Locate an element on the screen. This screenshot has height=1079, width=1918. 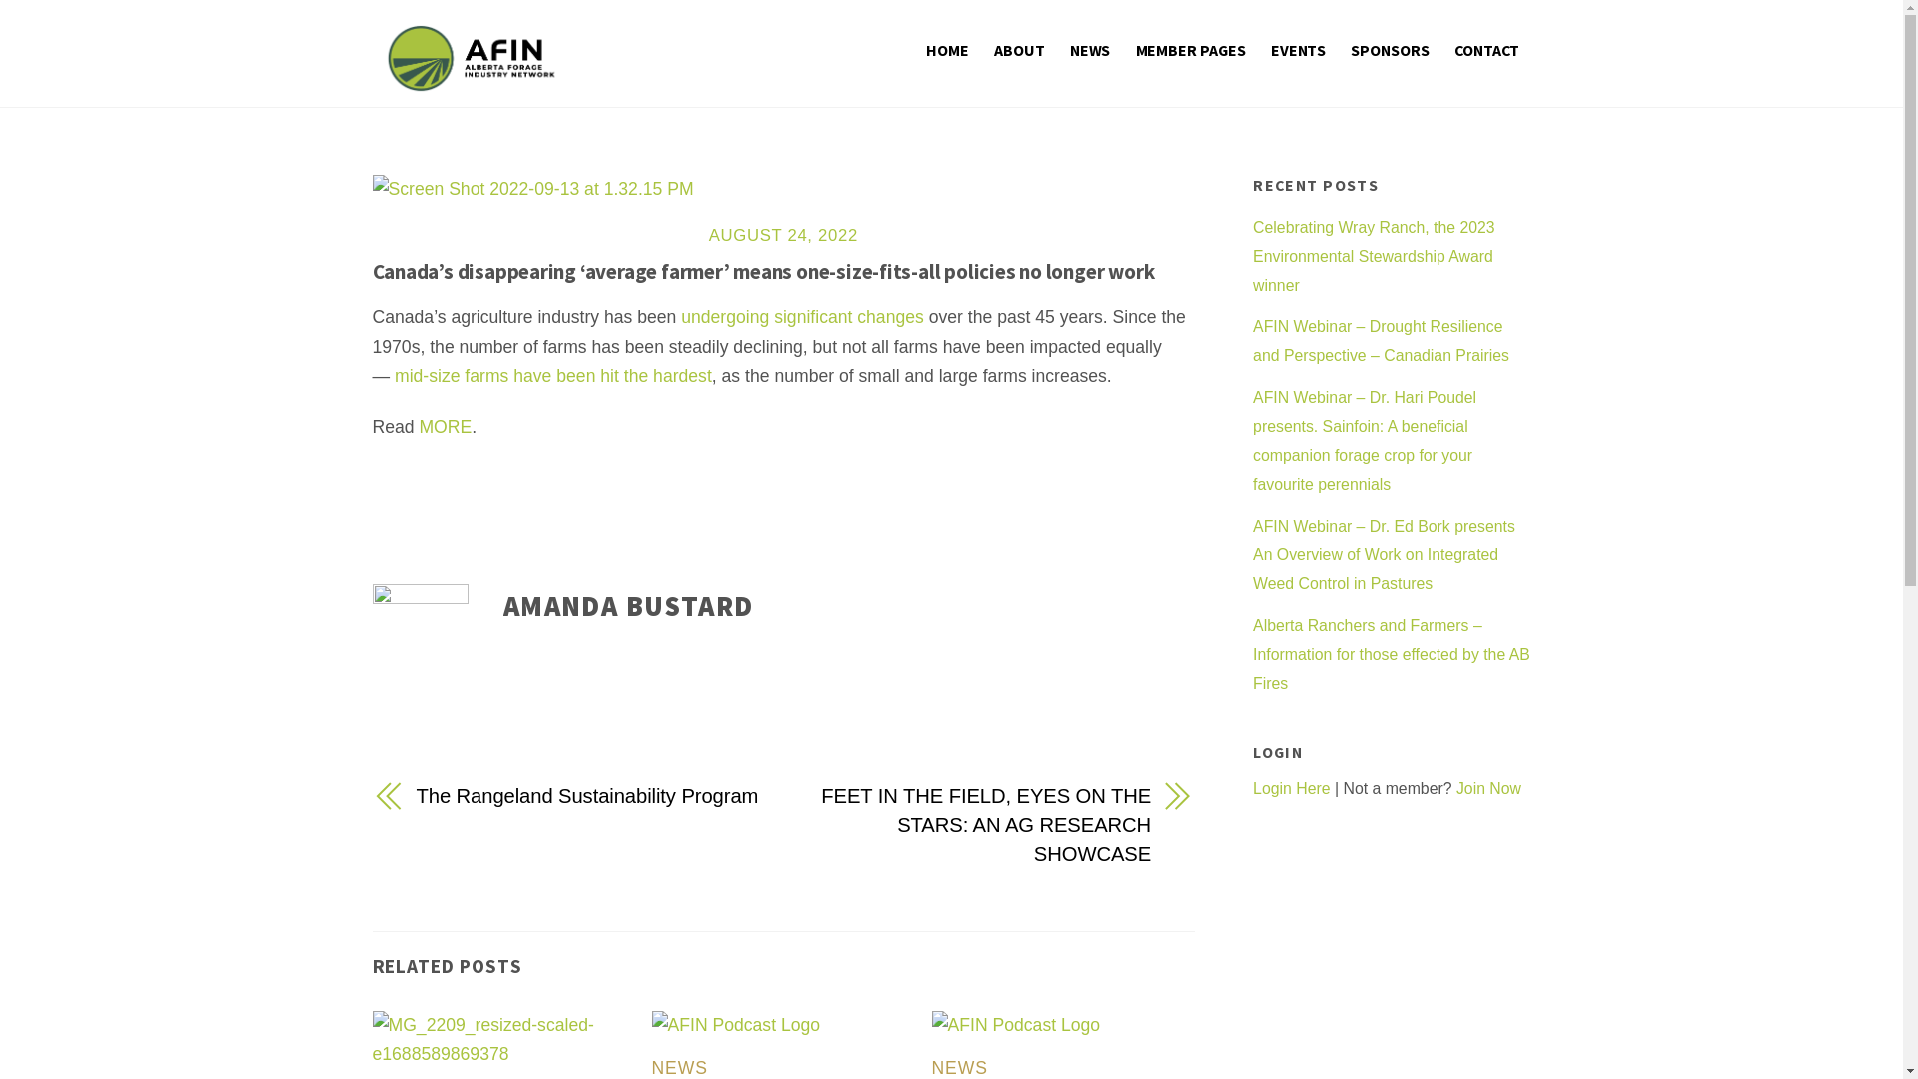
'Join Now' is located at coordinates (1488, 787).